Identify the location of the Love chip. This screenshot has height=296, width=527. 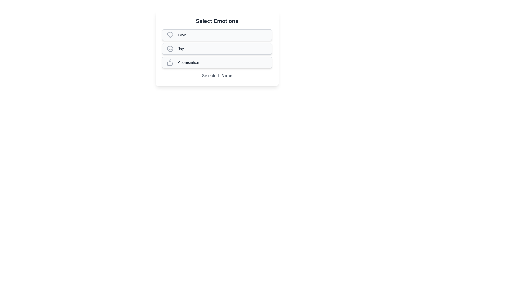
(217, 35).